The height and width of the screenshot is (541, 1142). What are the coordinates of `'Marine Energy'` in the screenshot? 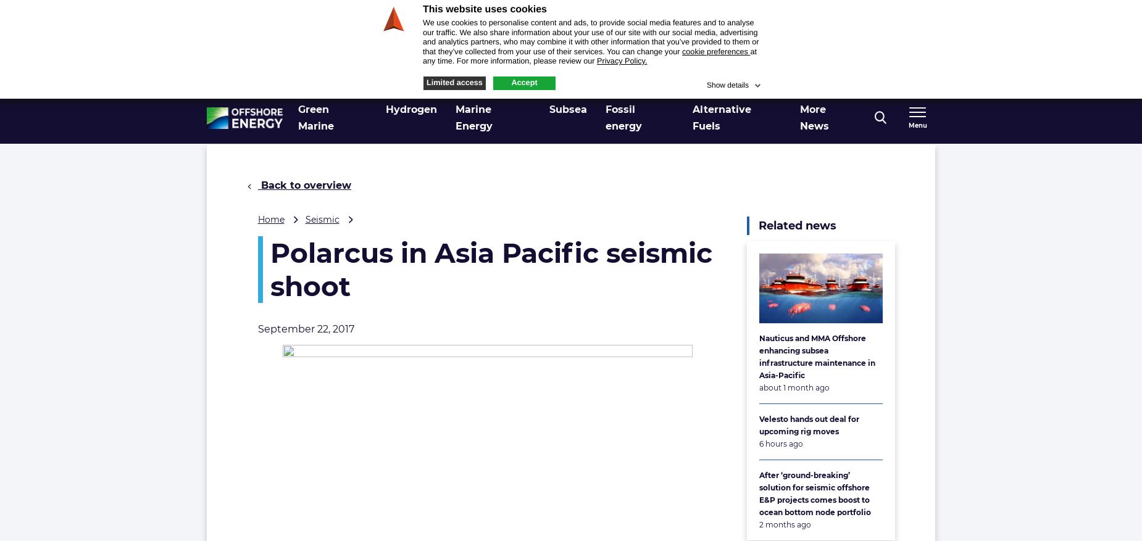 It's located at (473, 117).